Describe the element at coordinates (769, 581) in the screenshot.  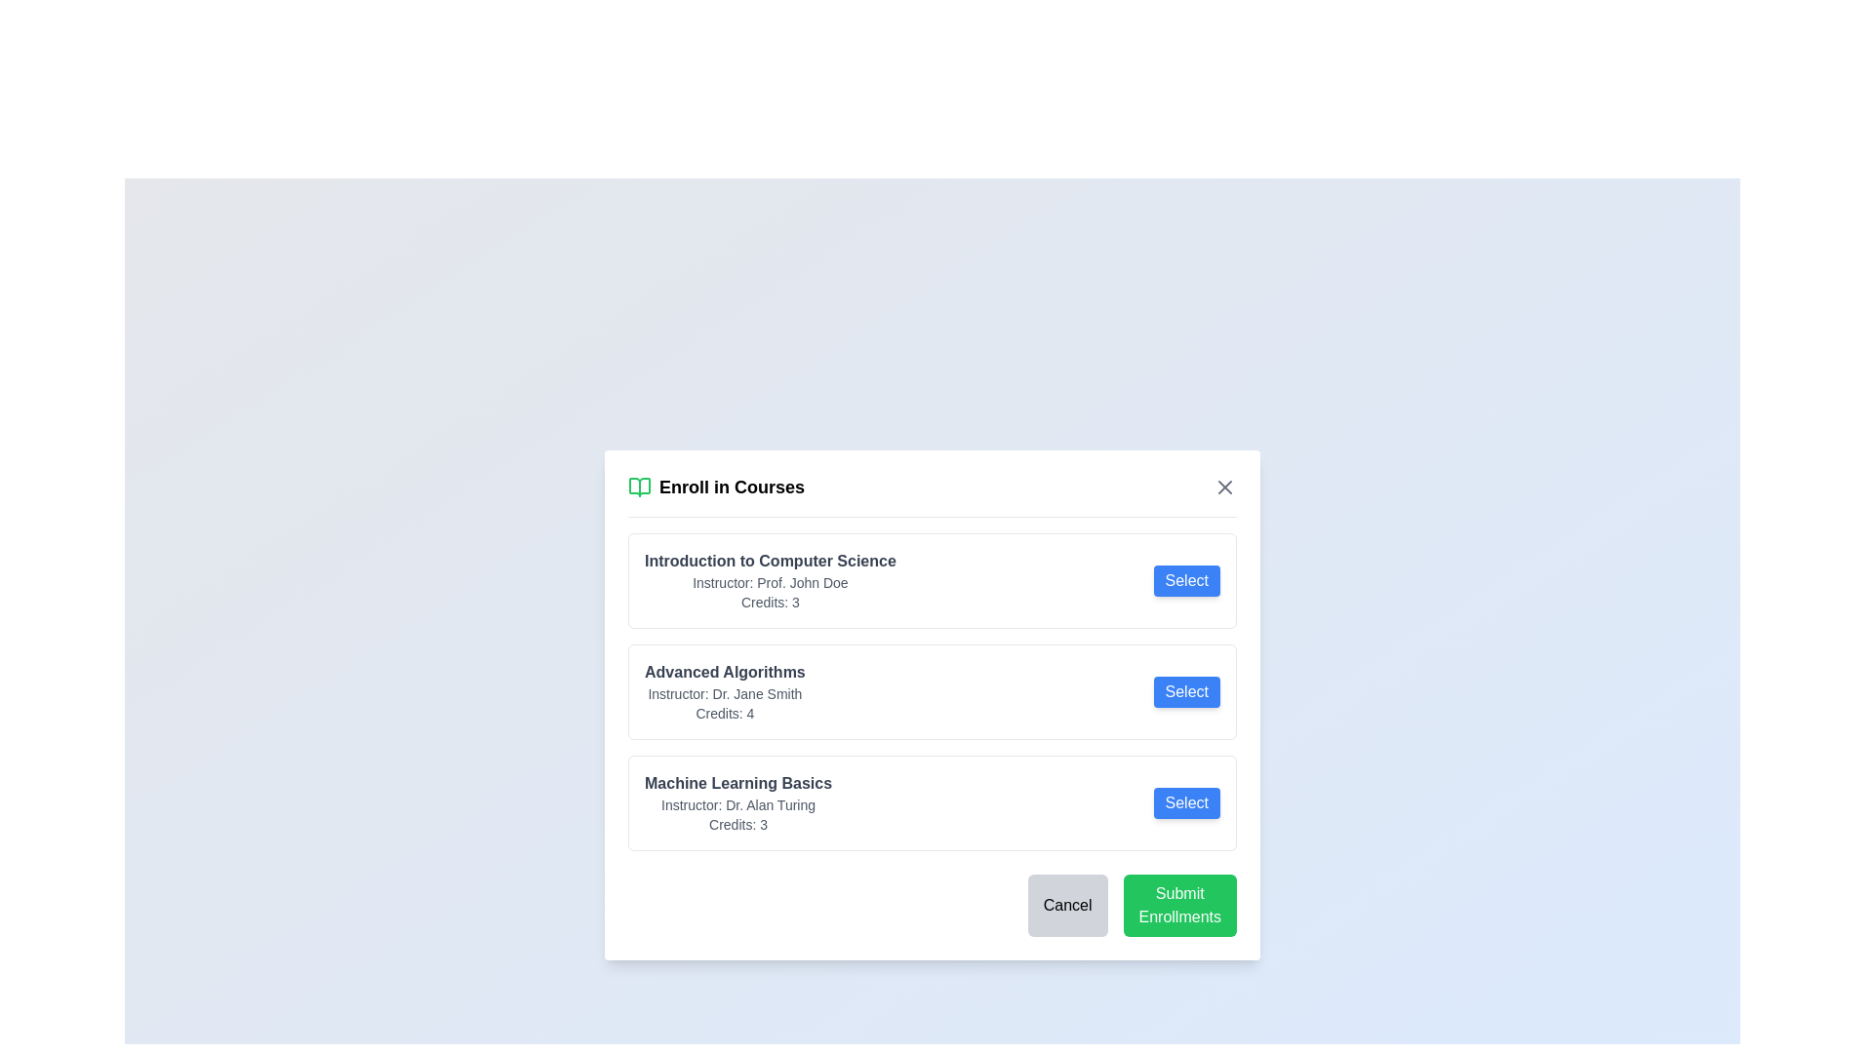
I see `the text label displaying 'Instructor: Prof. John Doe', which is positioned below the course title and above the credits information` at that location.